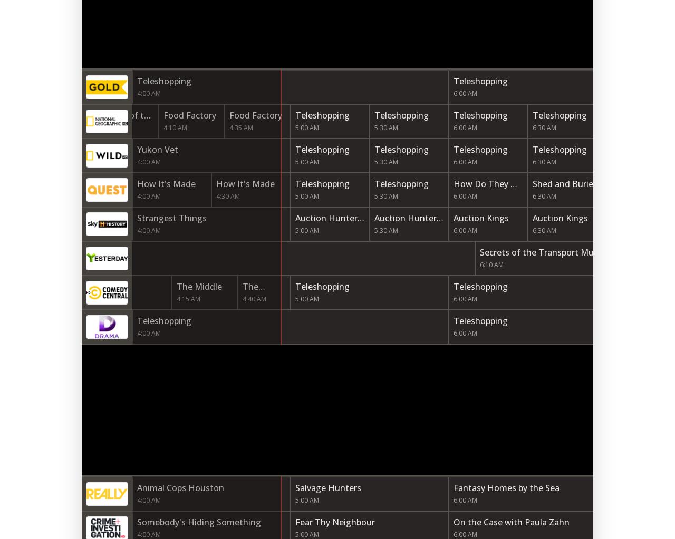  What do you see at coordinates (491, 264) in the screenshot?
I see `'6:10 AM'` at bounding box center [491, 264].